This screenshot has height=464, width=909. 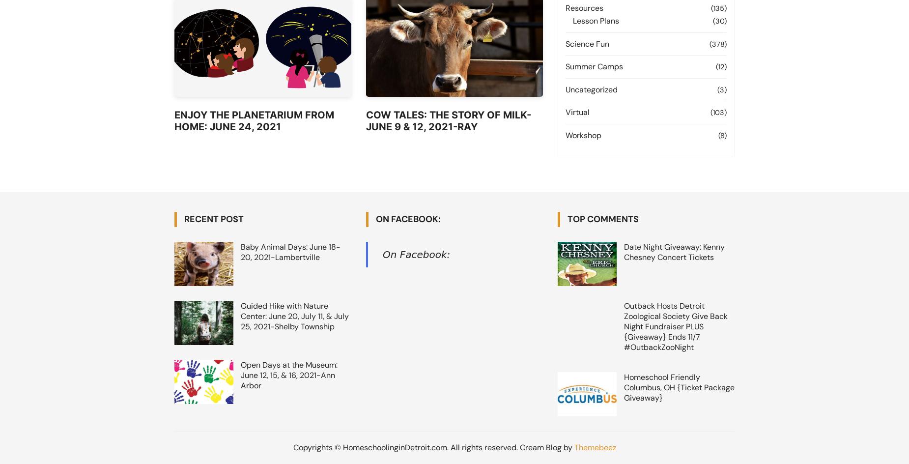 What do you see at coordinates (577, 112) in the screenshot?
I see `'Virtual'` at bounding box center [577, 112].